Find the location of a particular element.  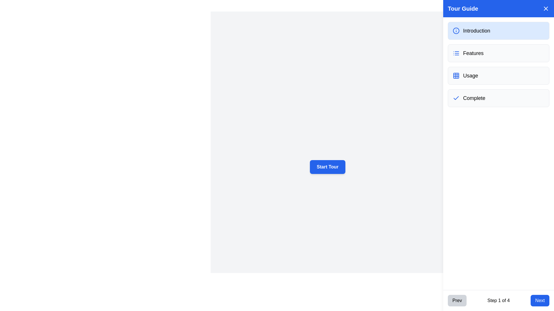

the blue checkmark icon indicating completion or approval, located next to 'Introduction' in the top menu is located at coordinates (456, 97).